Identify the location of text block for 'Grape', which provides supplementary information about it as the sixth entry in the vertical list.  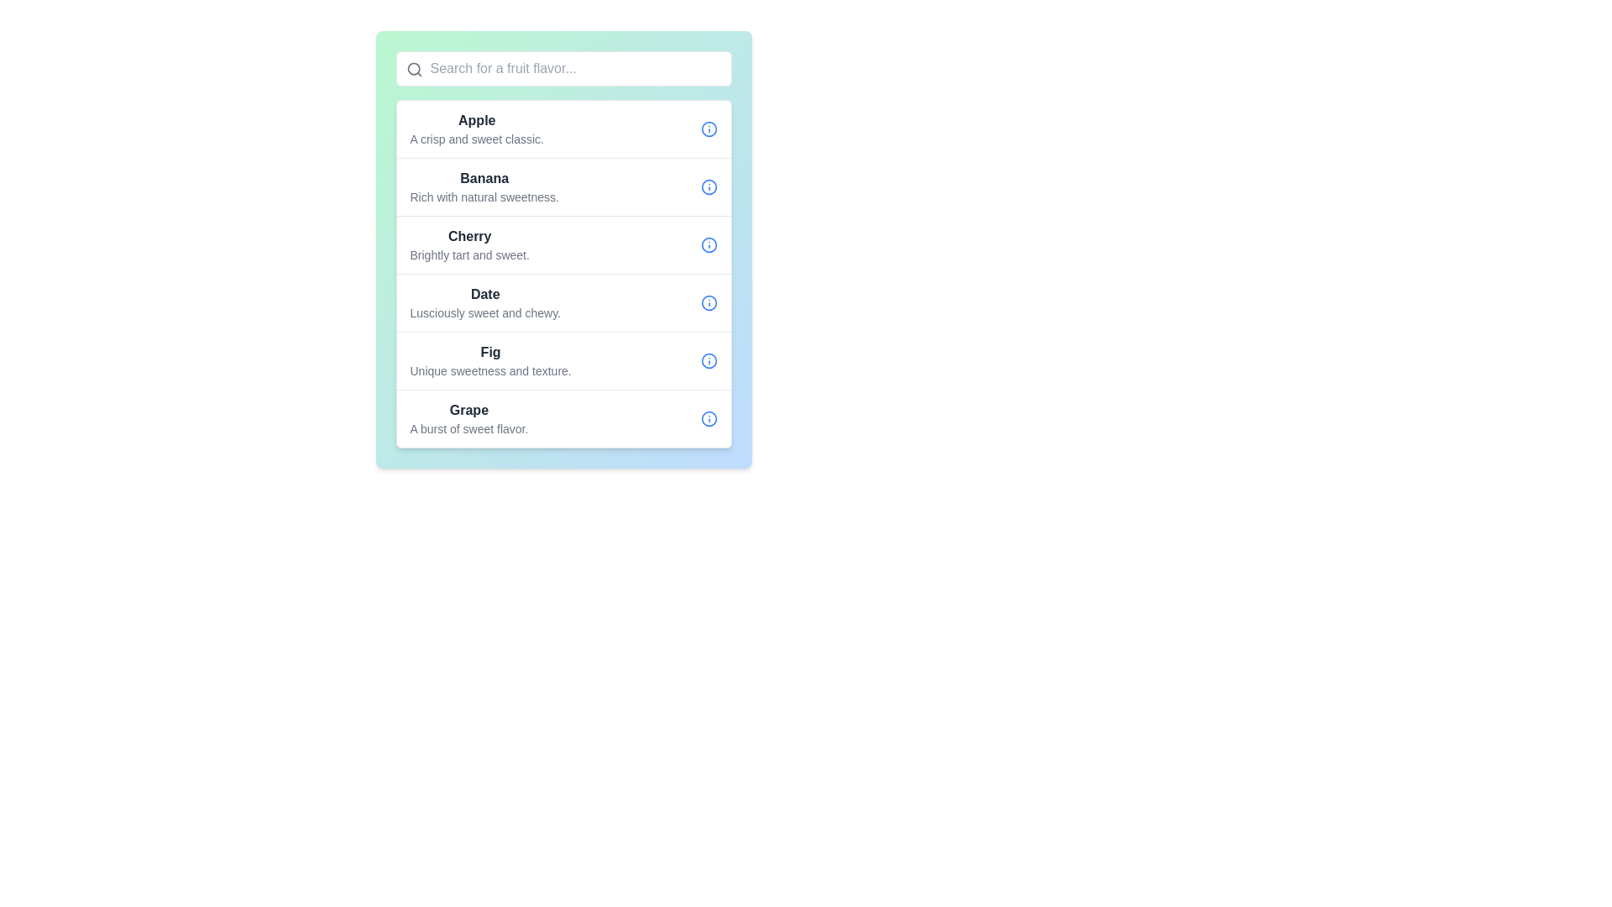
(468, 417).